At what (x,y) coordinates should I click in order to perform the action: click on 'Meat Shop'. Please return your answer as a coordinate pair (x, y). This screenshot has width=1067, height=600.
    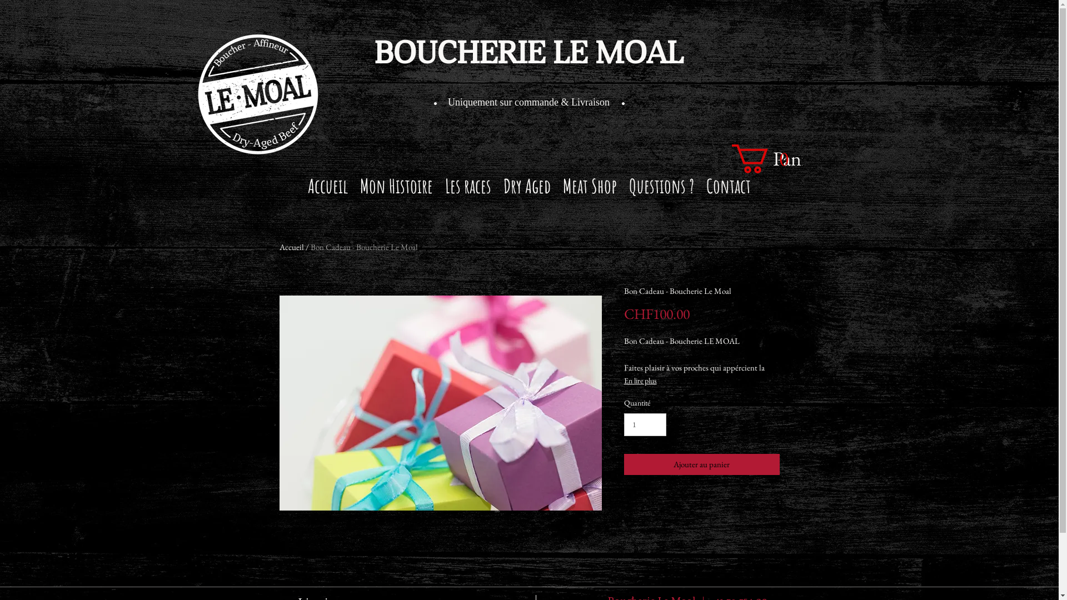
    Looking at the image, I should click on (589, 189).